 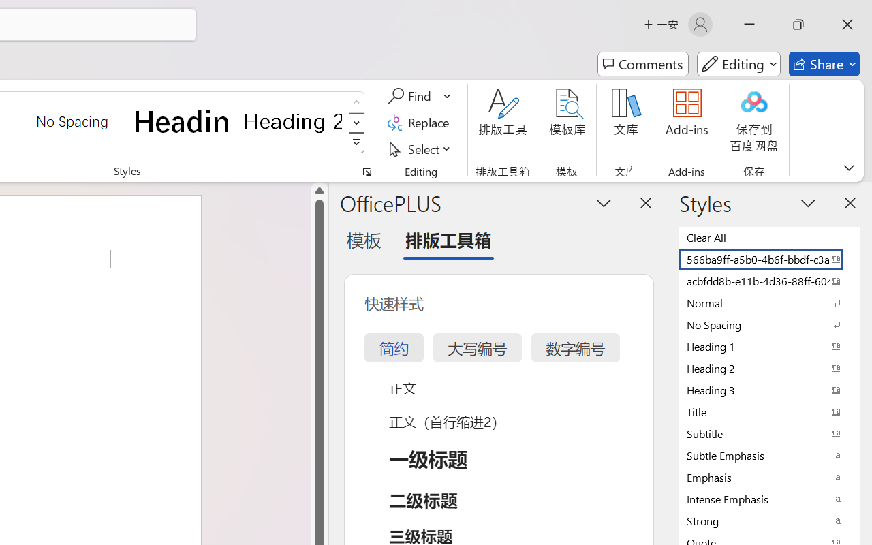 I want to click on 'Heading 2', so click(x=292, y=121).